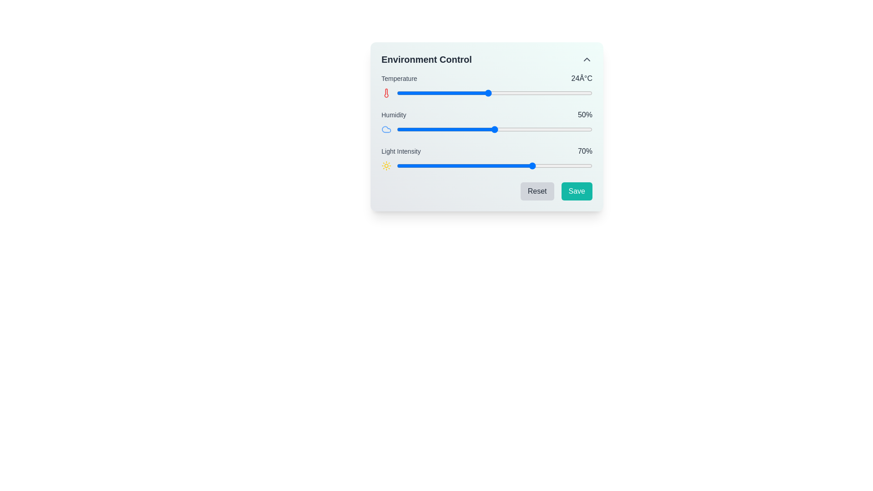  I want to click on the 'Reset' button located at the bottom of the light blue 'Environment Control' card to revert changes, so click(486, 126).